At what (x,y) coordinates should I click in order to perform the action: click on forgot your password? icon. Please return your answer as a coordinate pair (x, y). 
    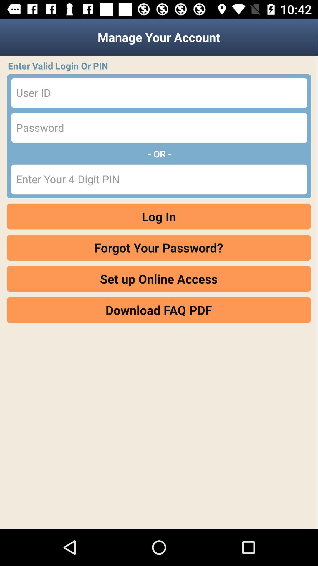
    Looking at the image, I should click on (158, 248).